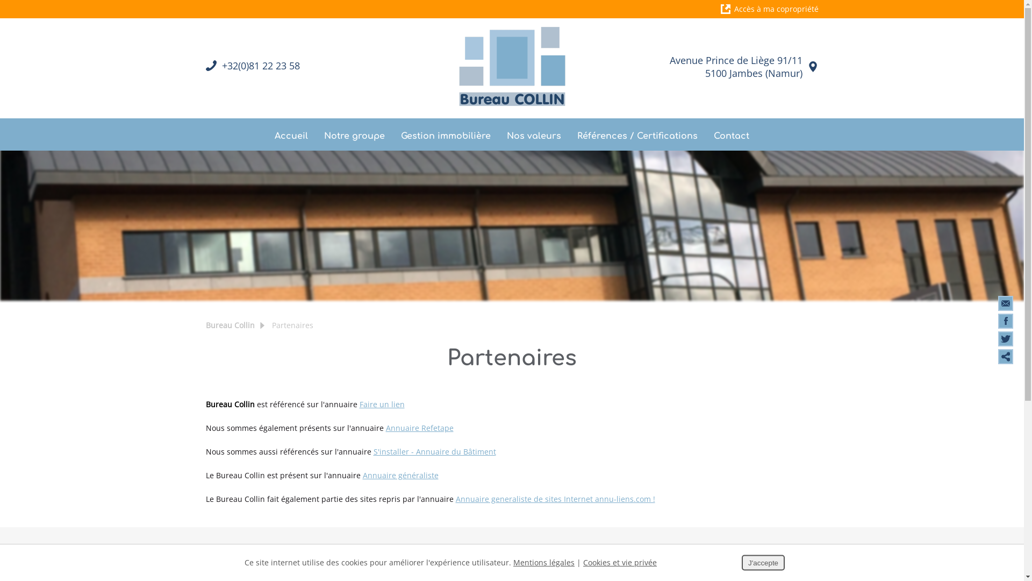 Image resolution: width=1032 pixels, height=581 pixels. Describe the element at coordinates (382, 404) in the screenshot. I see `'Faire un lien'` at that location.